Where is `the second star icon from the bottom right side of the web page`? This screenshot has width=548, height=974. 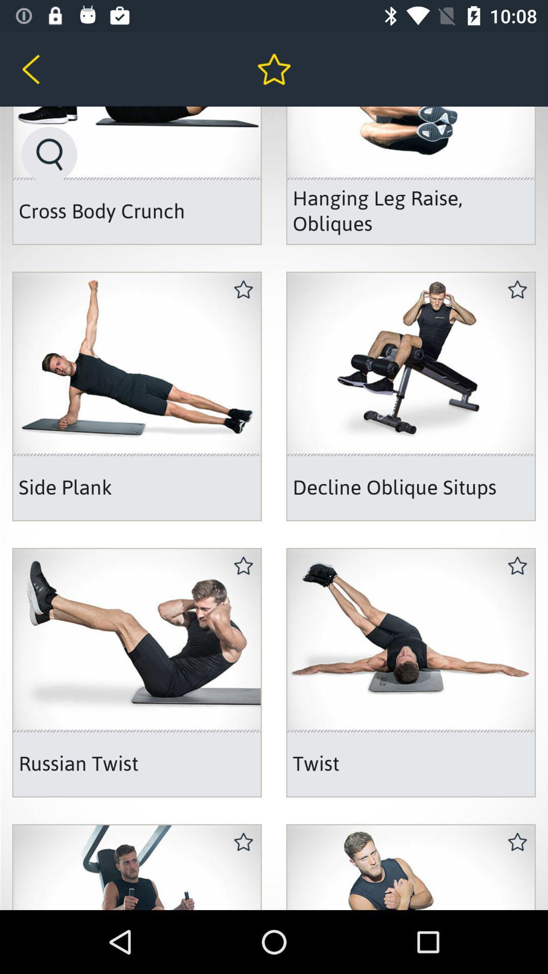
the second star icon from the bottom right side of the web page is located at coordinates (518, 565).